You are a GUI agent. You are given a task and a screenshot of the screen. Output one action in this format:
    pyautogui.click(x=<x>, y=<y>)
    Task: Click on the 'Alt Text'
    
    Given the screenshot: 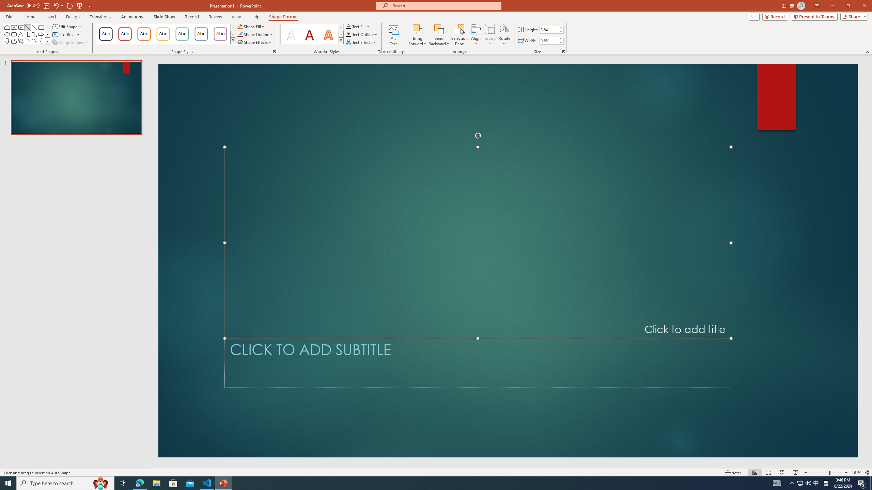 What is the action you would take?
    pyautogui.click(x=393, y=35)
    